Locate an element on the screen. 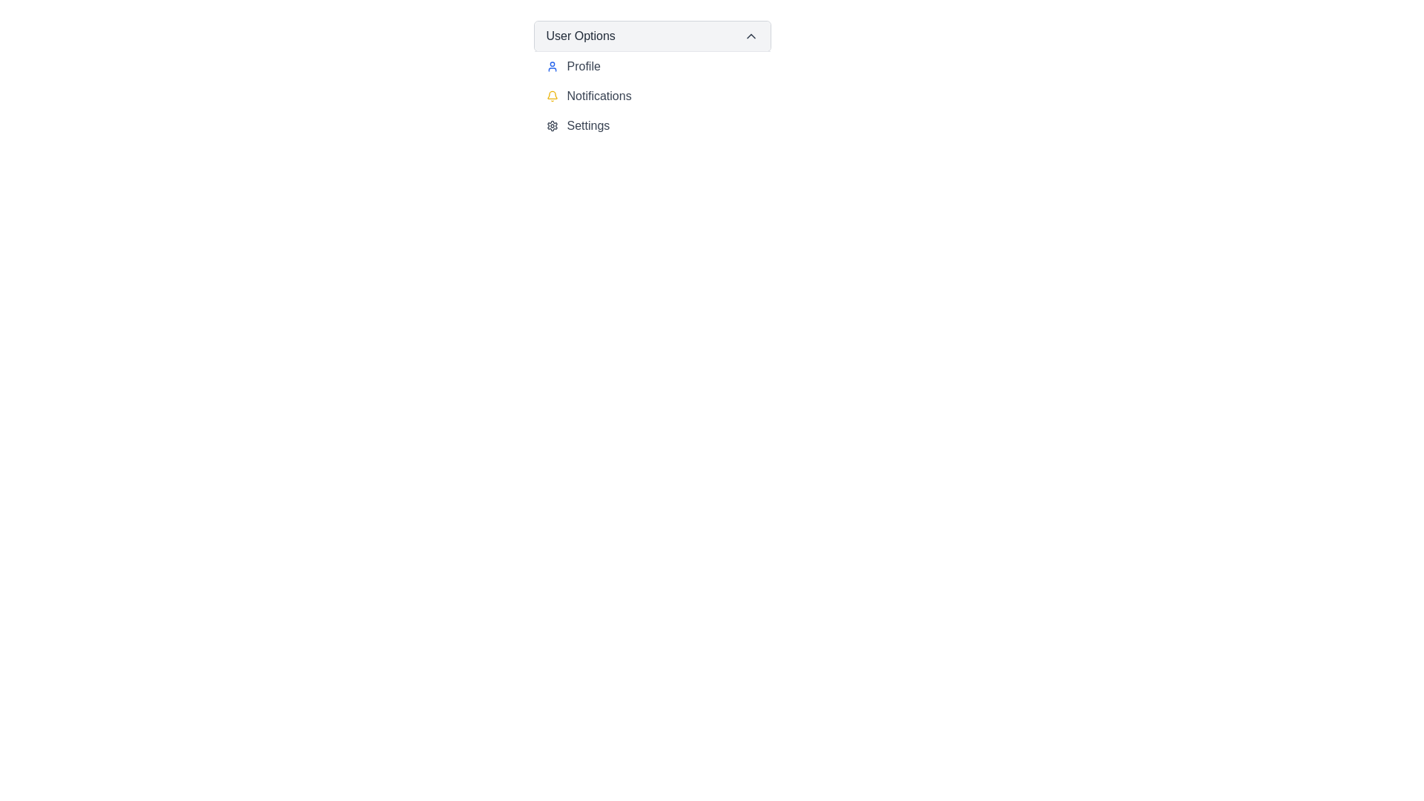 Image resolution: width=1424 pixels, height=801 pixels. the Text label adjacent to an icon located in the 'User Options' dropdown menu, which is the last item below the 'Notifications' option is located at coordinates (587, 125).